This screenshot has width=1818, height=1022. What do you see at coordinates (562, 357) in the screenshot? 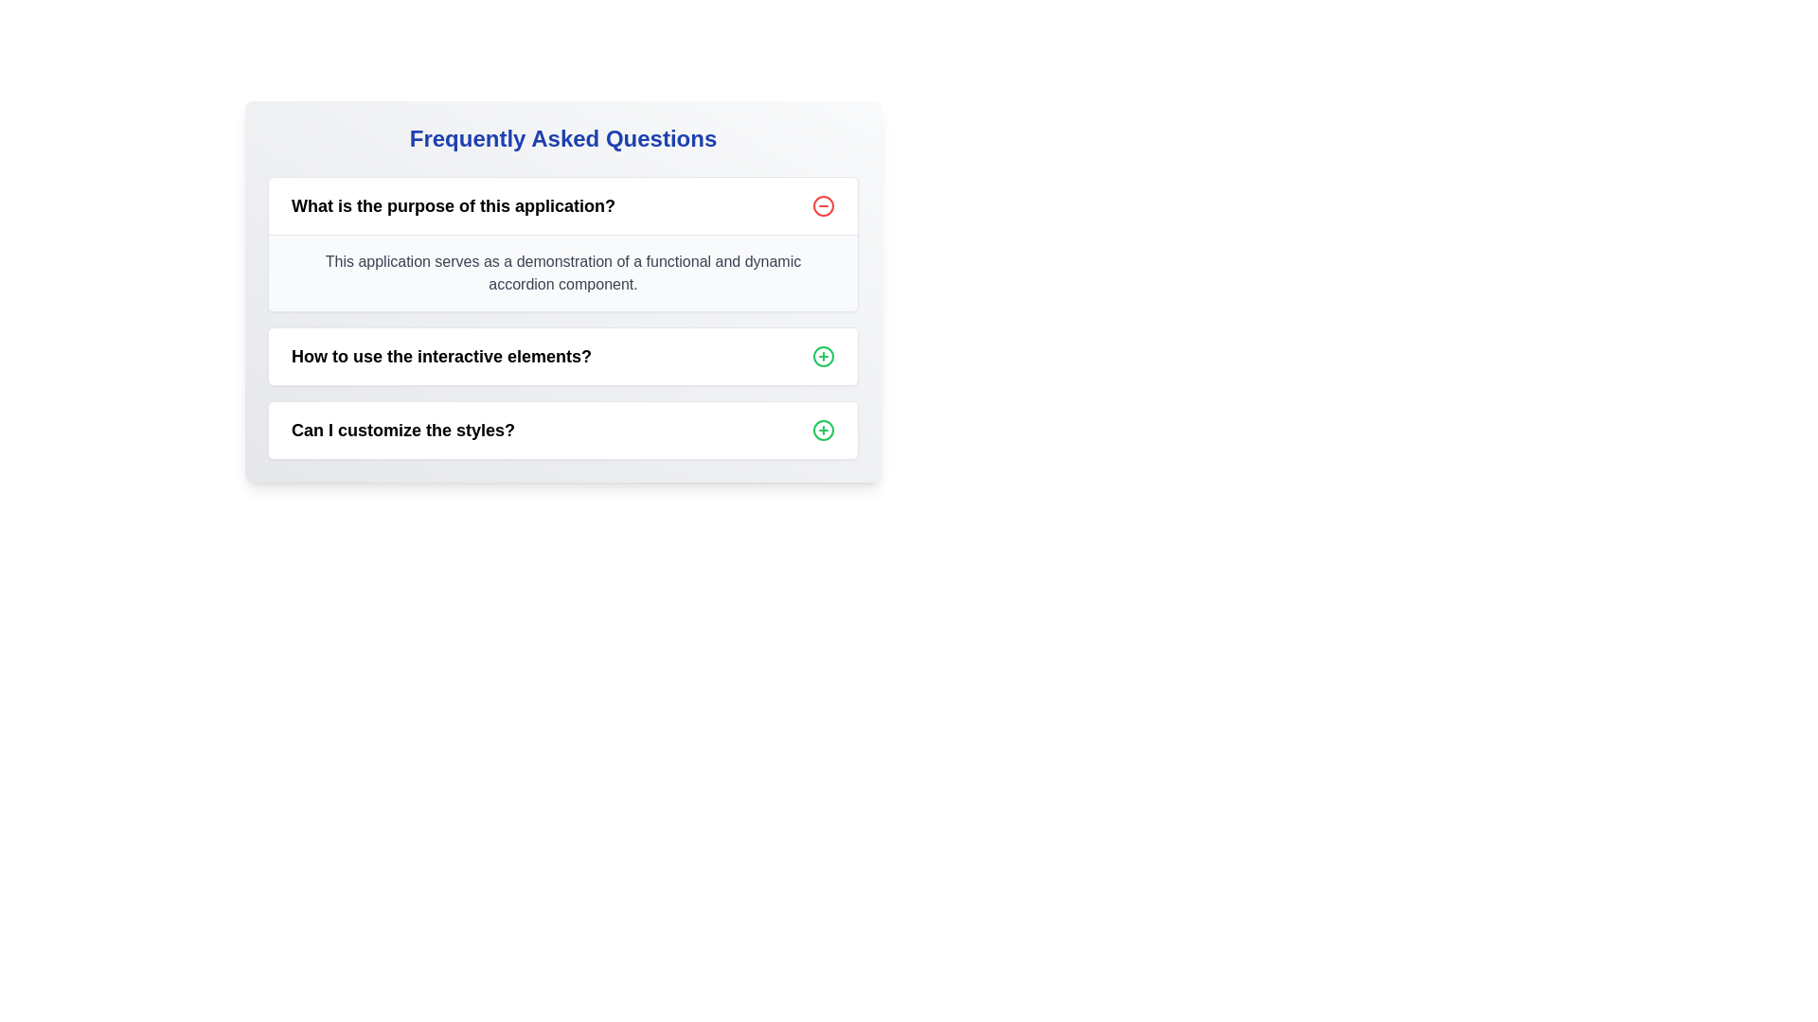
I see `the second item in the FAQ list` at bounding box center [562, 357].